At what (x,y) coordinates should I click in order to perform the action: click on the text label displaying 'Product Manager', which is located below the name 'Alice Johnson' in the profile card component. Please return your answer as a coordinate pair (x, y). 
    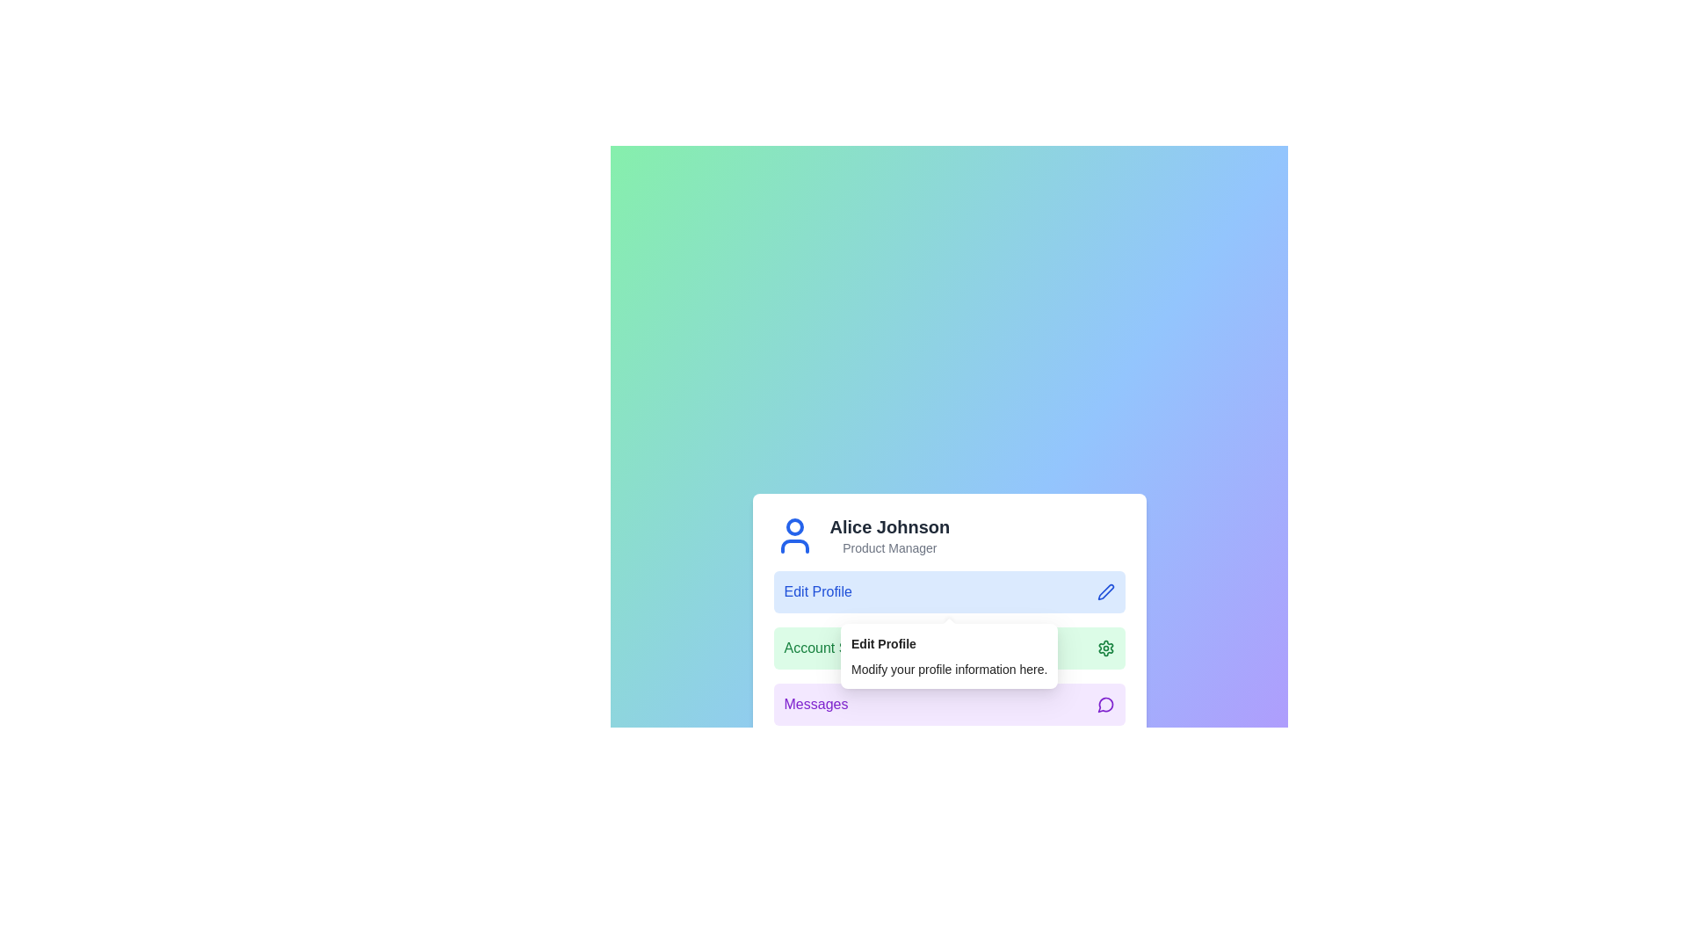
    Looking at the image, I should click on (889, 547).